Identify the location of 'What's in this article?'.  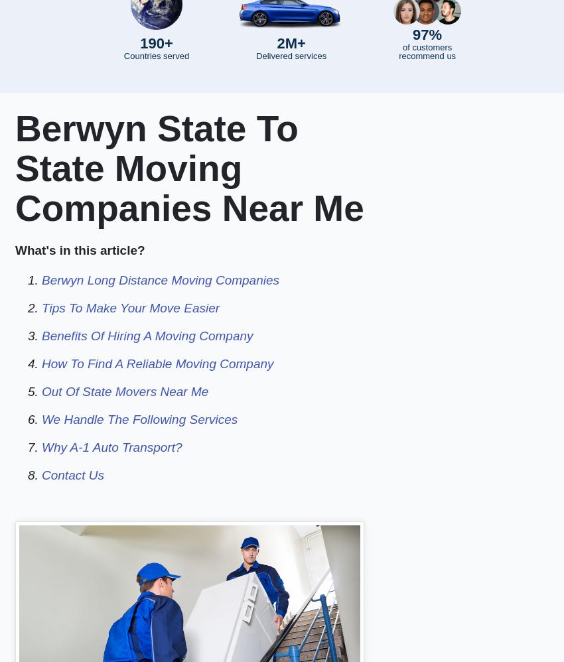
(79, 249).